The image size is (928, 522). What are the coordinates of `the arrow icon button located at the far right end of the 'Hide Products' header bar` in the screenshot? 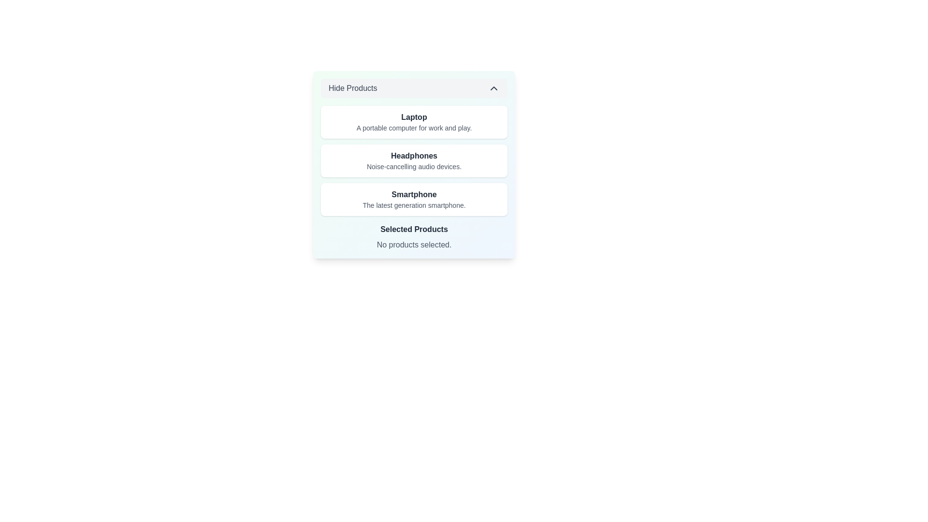 It's located at (494, 88).